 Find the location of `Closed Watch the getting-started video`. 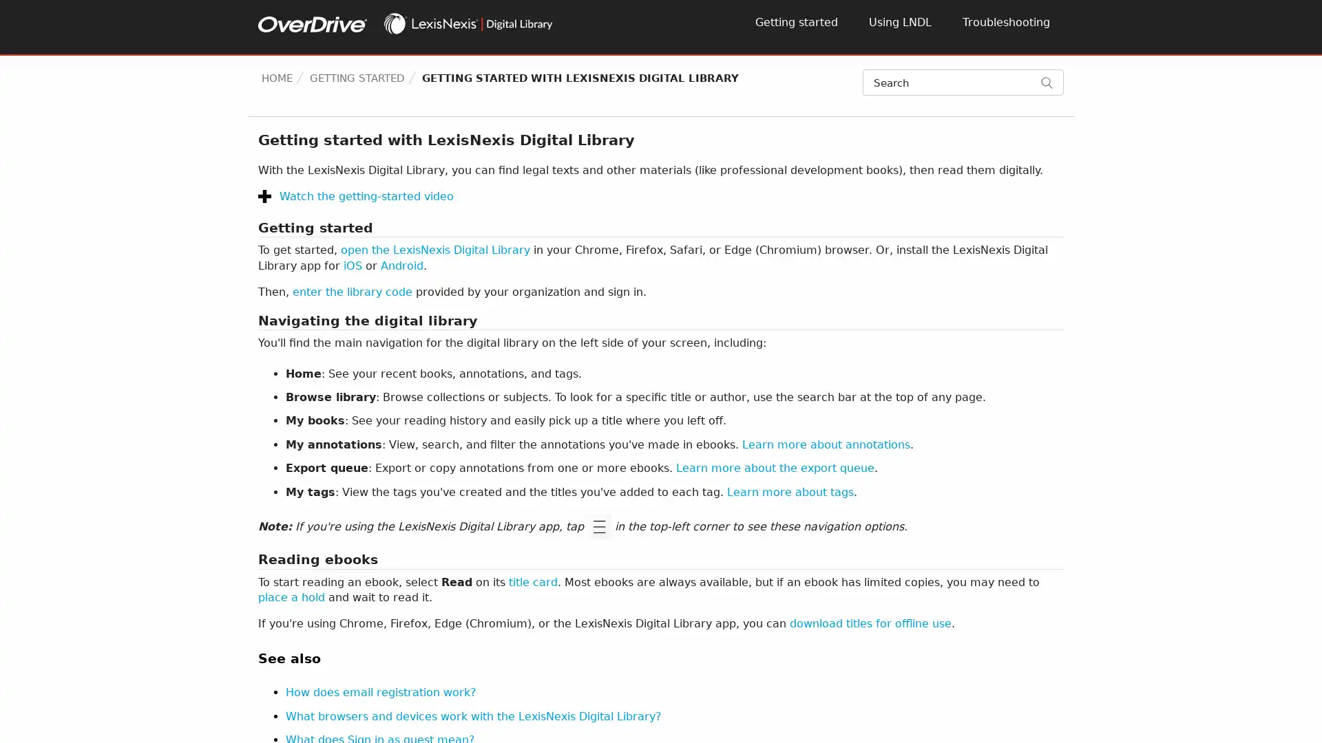

Closed Watch the getting-started video is located at coordinates (356, 196).